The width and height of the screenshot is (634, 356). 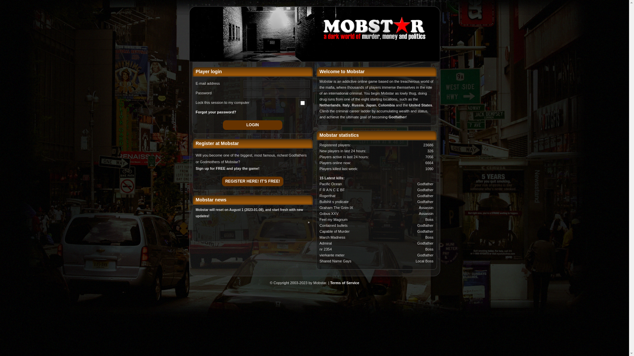 I want to click on 'Terms of Service', so click(x=330, y=282).